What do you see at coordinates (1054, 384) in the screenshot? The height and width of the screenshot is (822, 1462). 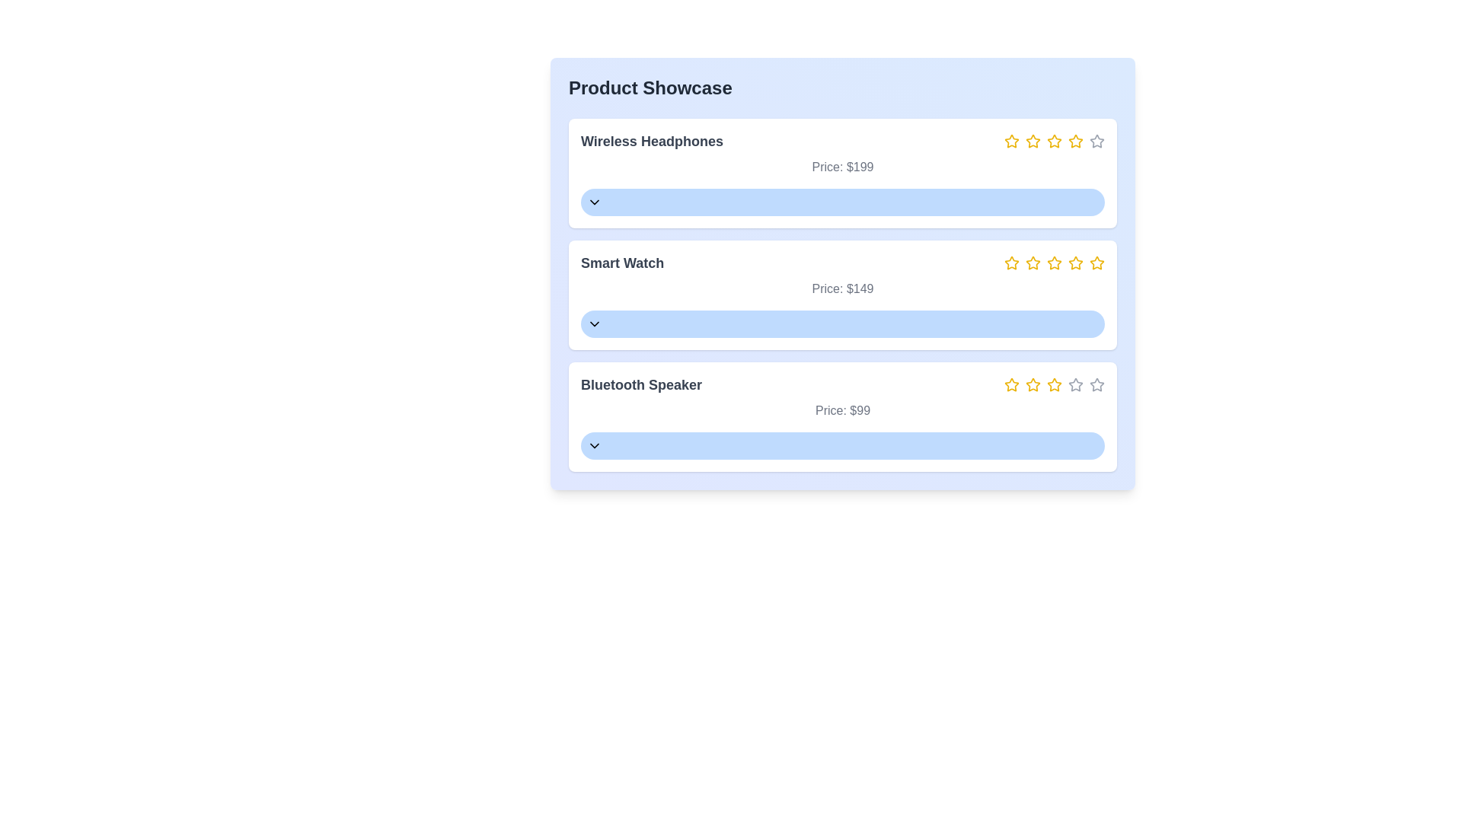 I see `the third yellow star icon in the 5-star rating system for the Bluetooth Speaker product` at bounding box center [1054, 384].